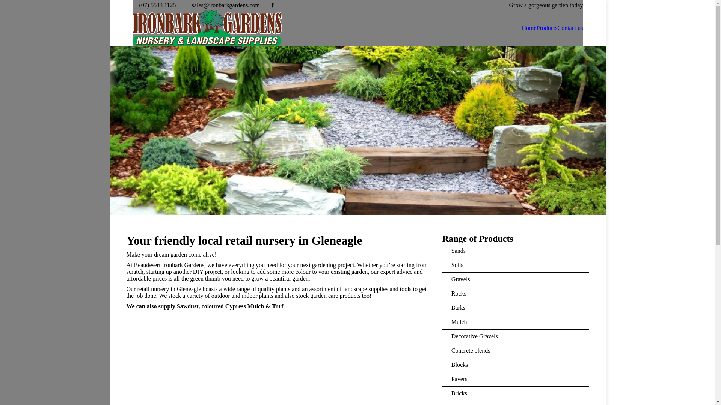  What do you see at coordinates (570, 27) in the screenshot?
I see `'Contact us'` at bounding box center [570, 27].